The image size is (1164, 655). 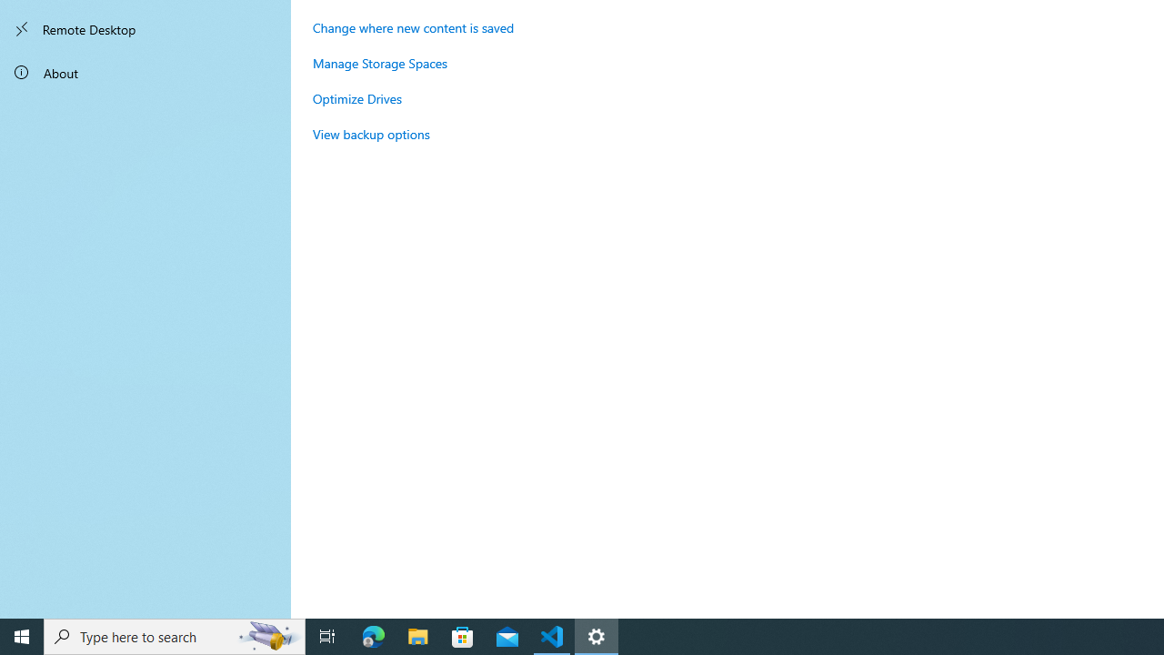 I want to click on 'Change where new content is saved', so click(x=413, y=27).